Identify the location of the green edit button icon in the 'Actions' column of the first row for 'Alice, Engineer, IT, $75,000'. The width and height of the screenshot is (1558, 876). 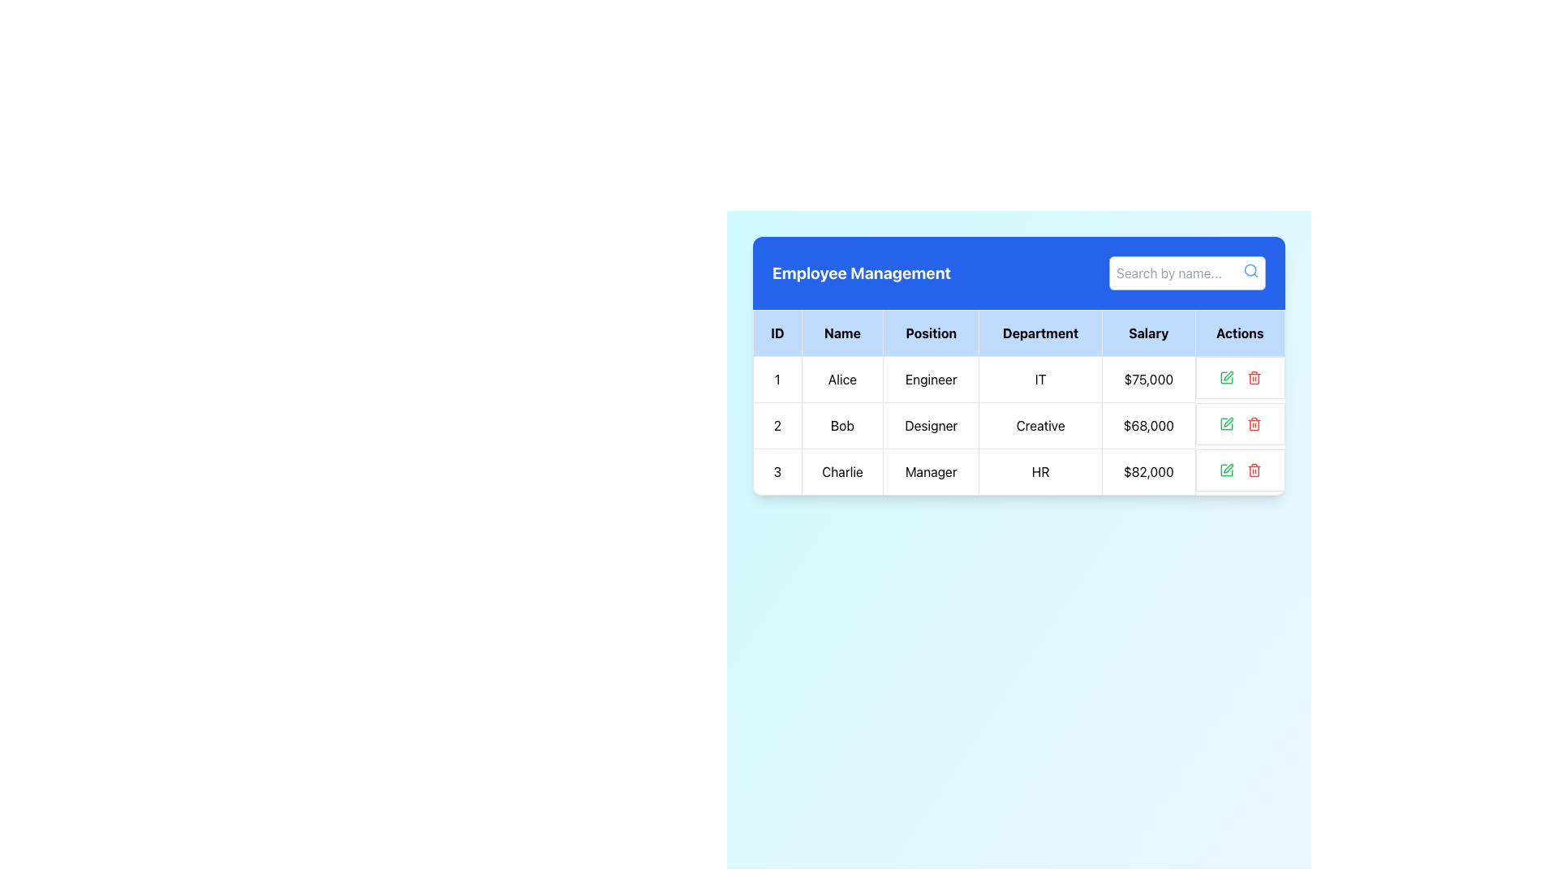
(1226, 378).